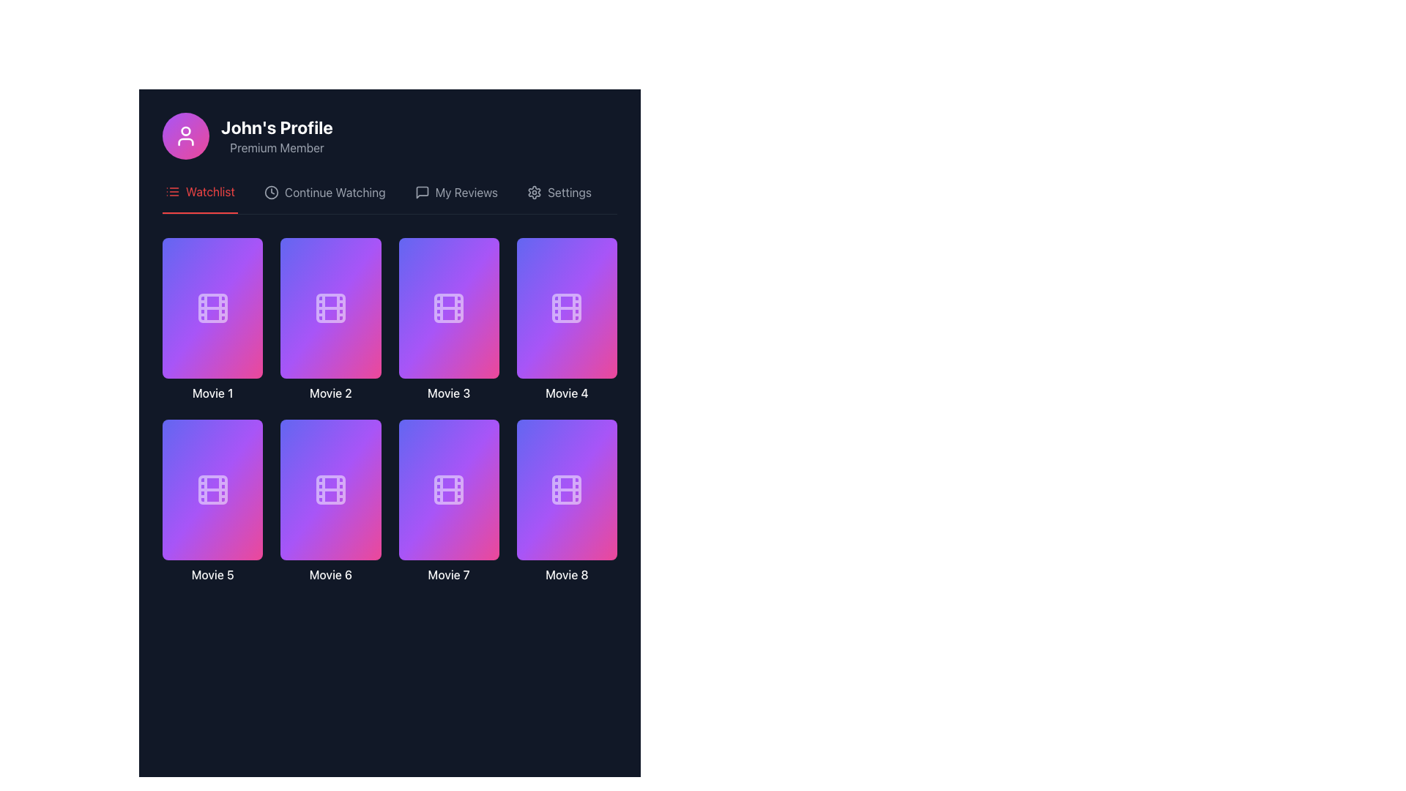 The image size is (1406, 791). What do you see at coordinates (558, 198) in the screenshot?
I see `the fourth menu item in the horizontal navigation bar` at bounding box center [558, 198].